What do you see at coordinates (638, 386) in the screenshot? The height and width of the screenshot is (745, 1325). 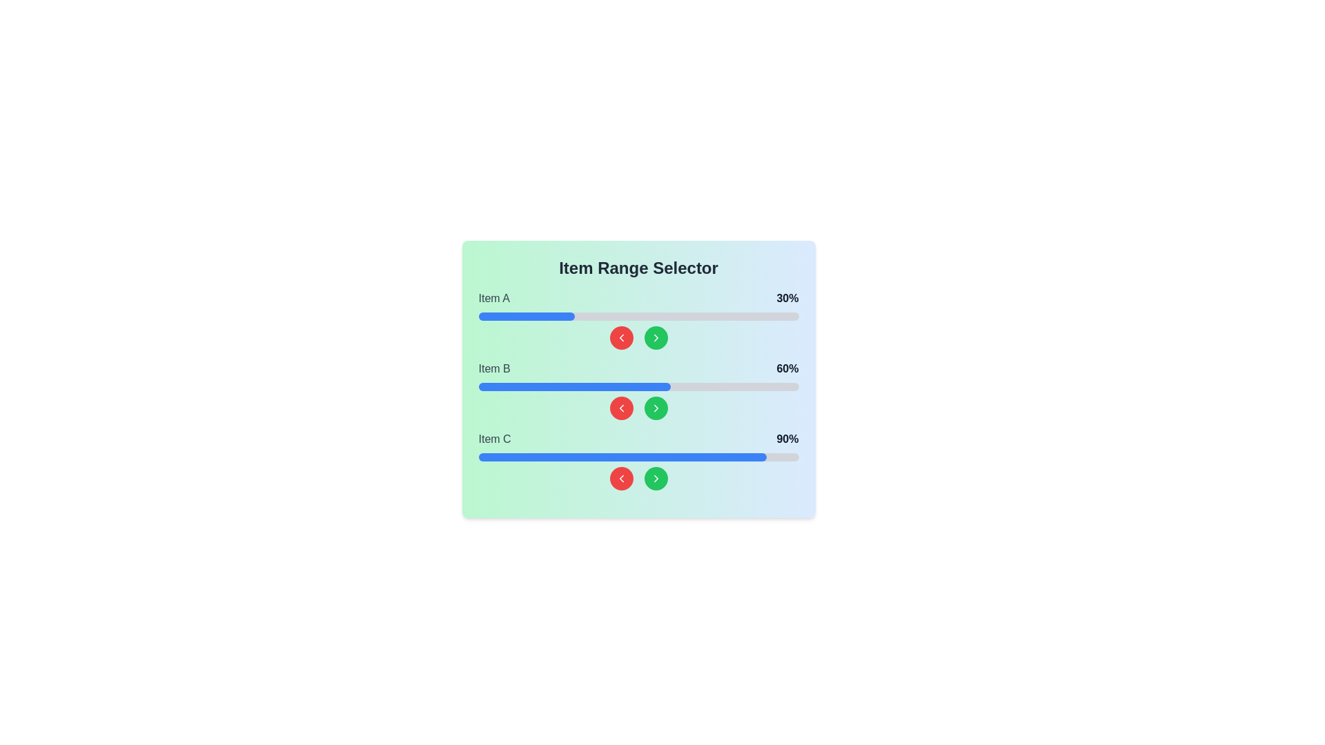 I see `the second progress bar located below the 'Item B' label, which has a gray background and a blue indicator filling 60%` at bounding box center [638, 386].